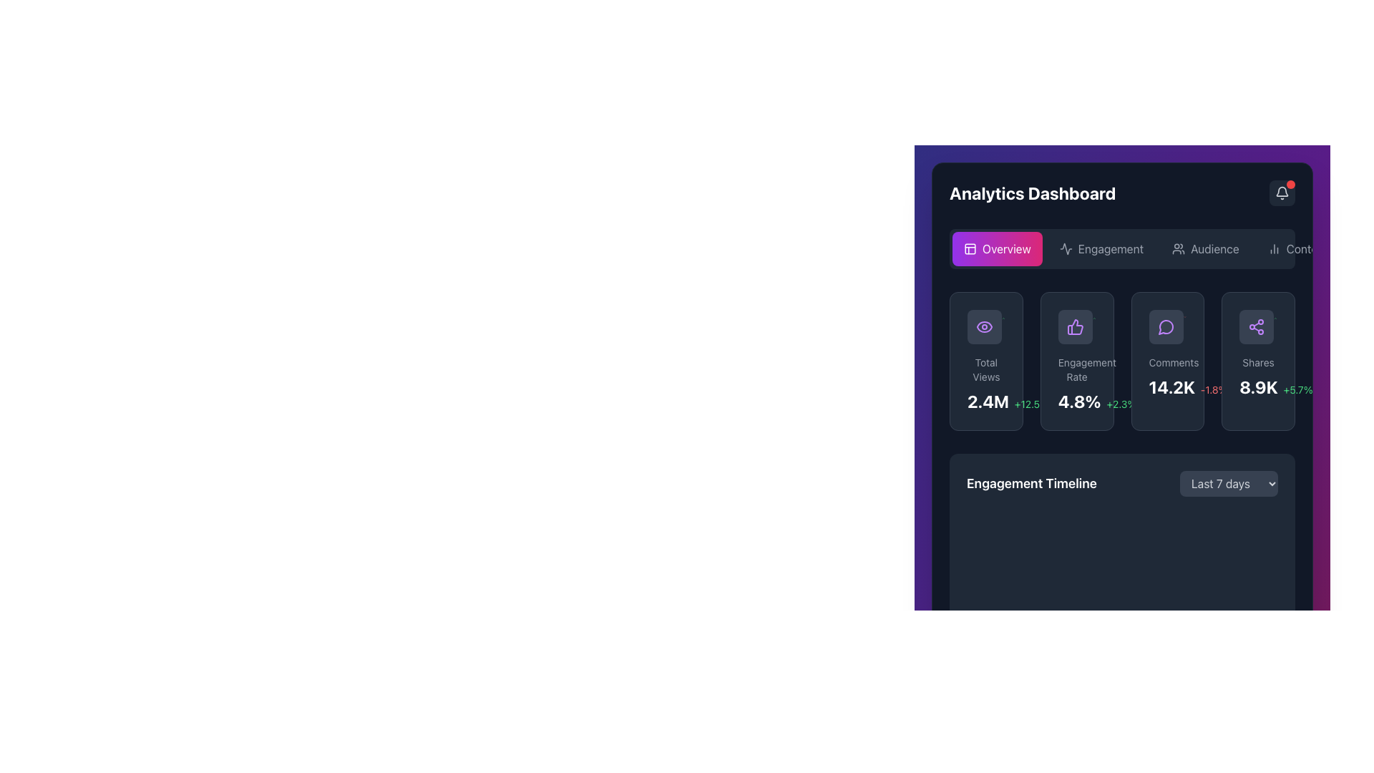 The image size is (1374, 773). I want to click on the 'Engagement' text label, so click(1110, 248).